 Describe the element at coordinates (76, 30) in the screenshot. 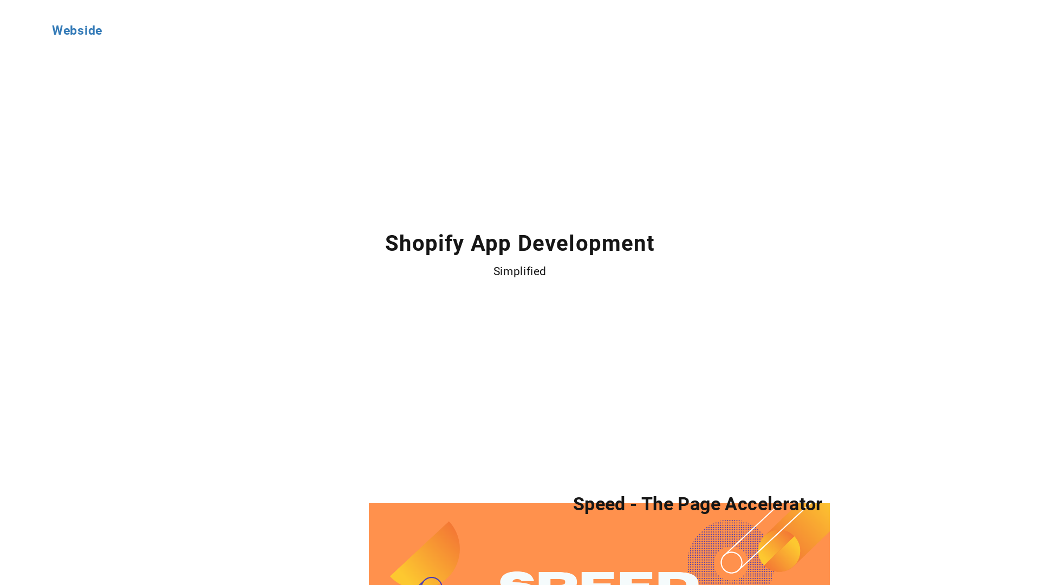

I see `'Webside'` at that location.